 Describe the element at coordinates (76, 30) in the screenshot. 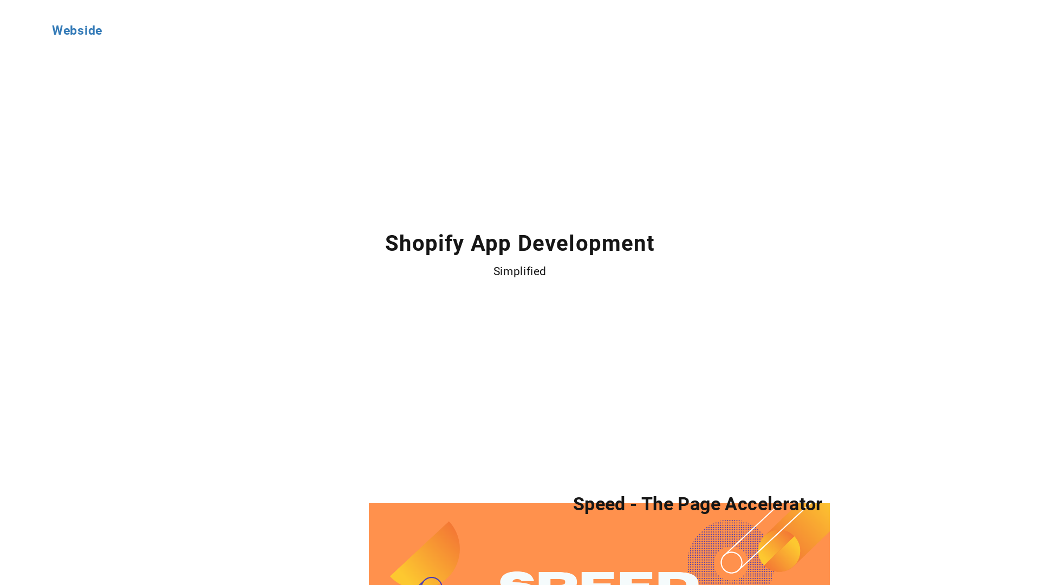

I see `'Webside'` at that location.